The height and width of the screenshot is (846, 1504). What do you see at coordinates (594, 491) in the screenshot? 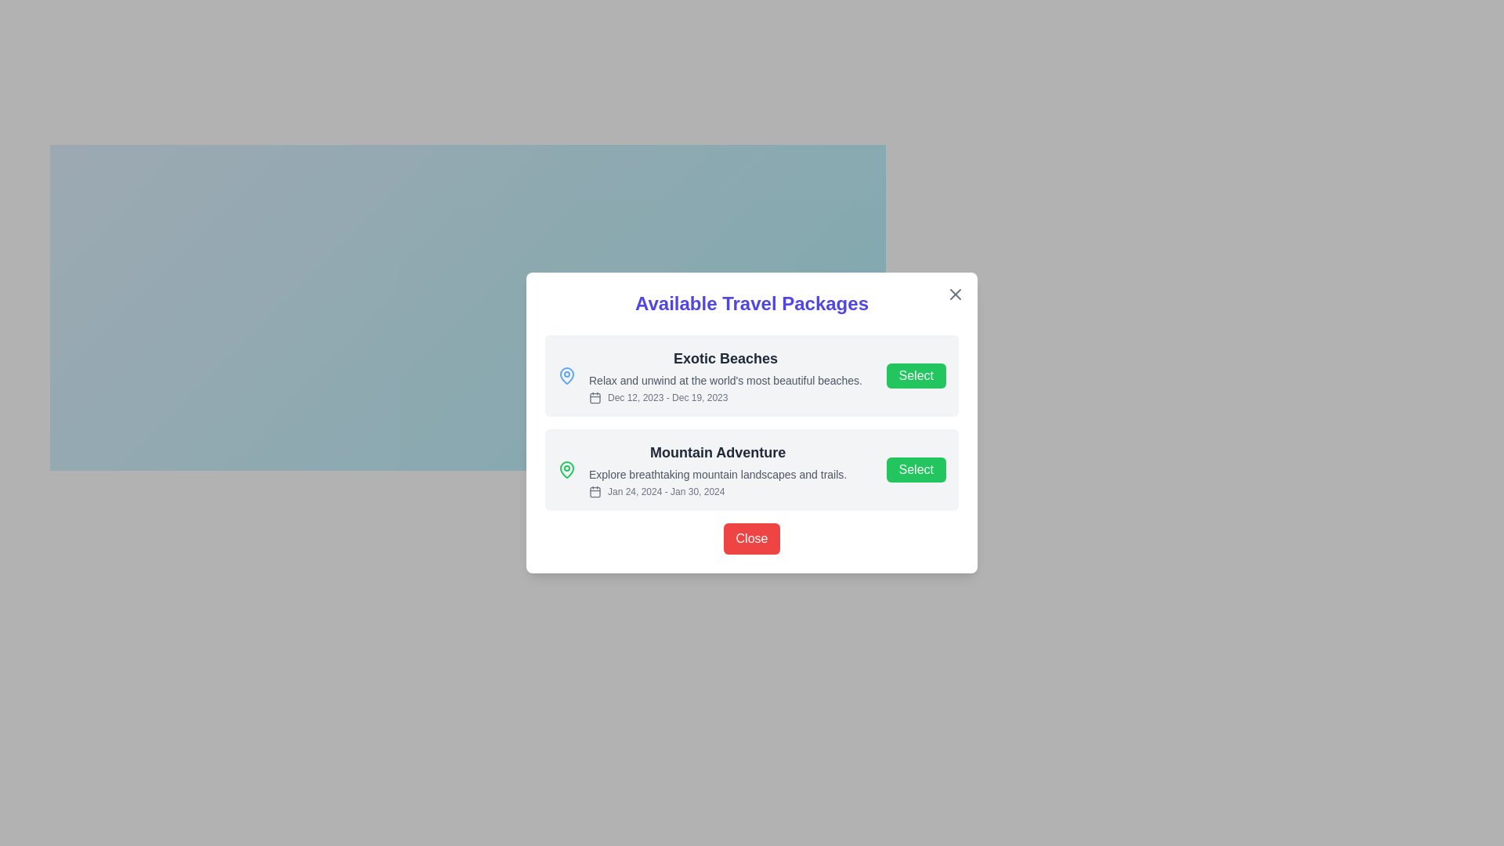
I see `the rounded rectangle within the calendar icon located in the second row of the modal, near the date range text for a travel package` at bounding box center [594, 491].